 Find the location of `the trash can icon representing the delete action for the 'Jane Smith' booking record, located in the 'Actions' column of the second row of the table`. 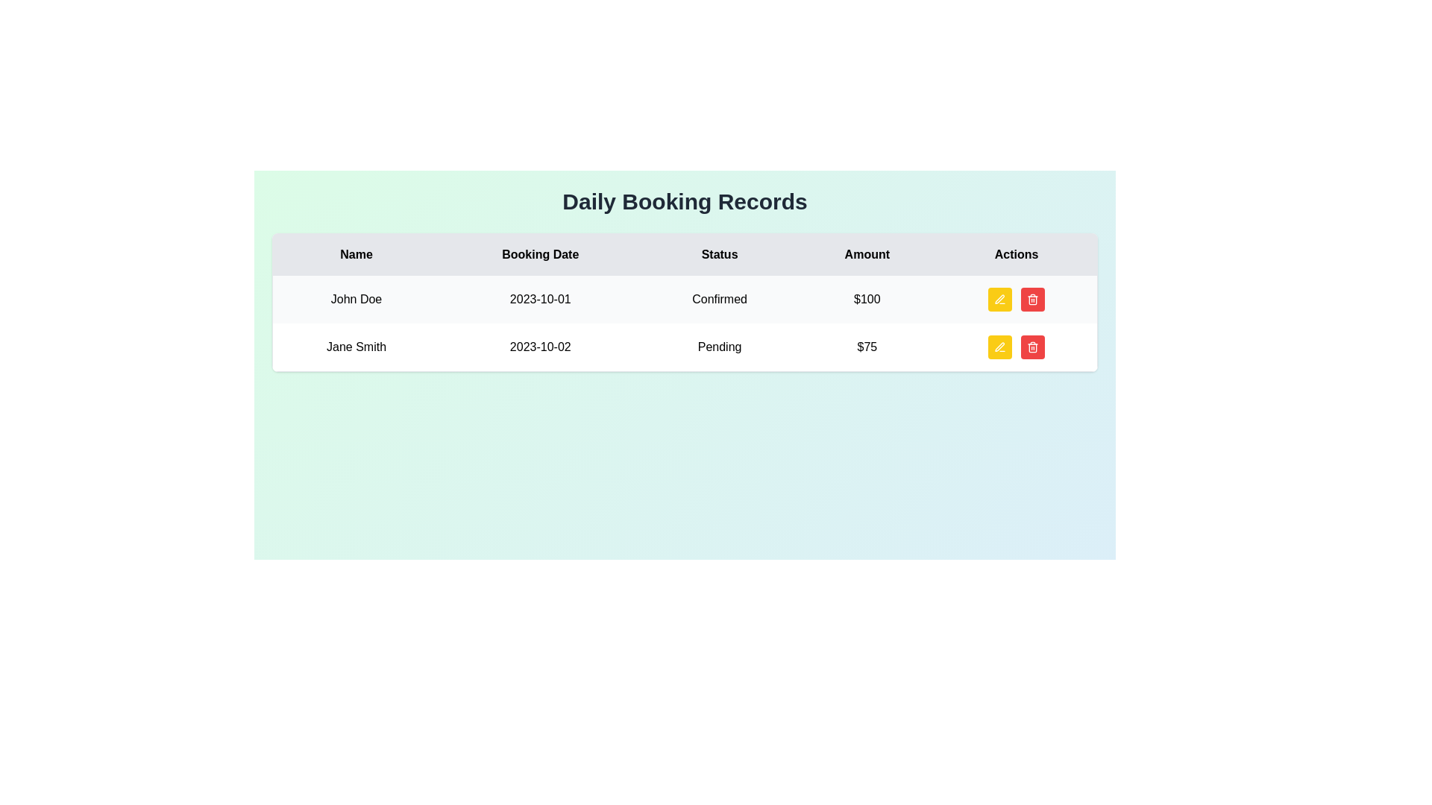

the trash can icon representing the delete action for the 'Jane Smith' booking record, located in the 'Actions' column of the second row of the table is located at coordinates (1032, 348).